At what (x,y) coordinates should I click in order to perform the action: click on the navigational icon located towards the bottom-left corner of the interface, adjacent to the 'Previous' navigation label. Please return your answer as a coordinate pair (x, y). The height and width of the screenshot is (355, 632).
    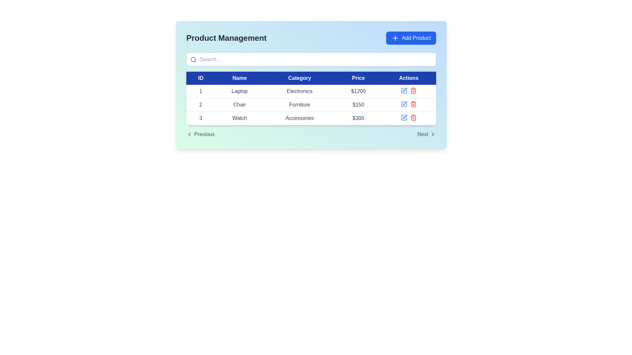
    Looking at the image, I should click on (189, 134).